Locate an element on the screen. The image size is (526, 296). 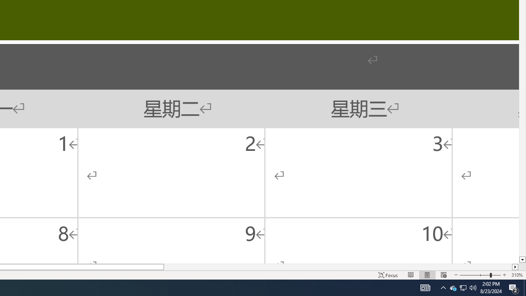
'Column right' is located at coordinates (515, 267).